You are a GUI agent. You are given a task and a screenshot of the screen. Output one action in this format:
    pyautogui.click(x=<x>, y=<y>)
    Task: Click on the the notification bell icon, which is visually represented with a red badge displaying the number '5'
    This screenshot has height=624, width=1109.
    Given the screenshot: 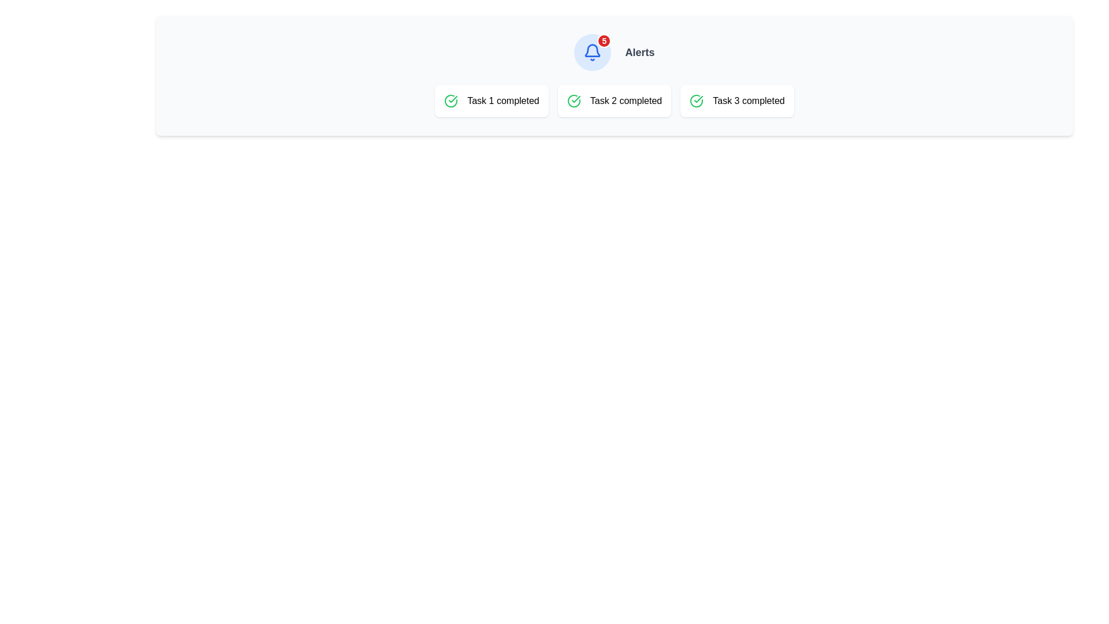 What is the action you would take?
    pyautogui.click(x=593, y=53)
    